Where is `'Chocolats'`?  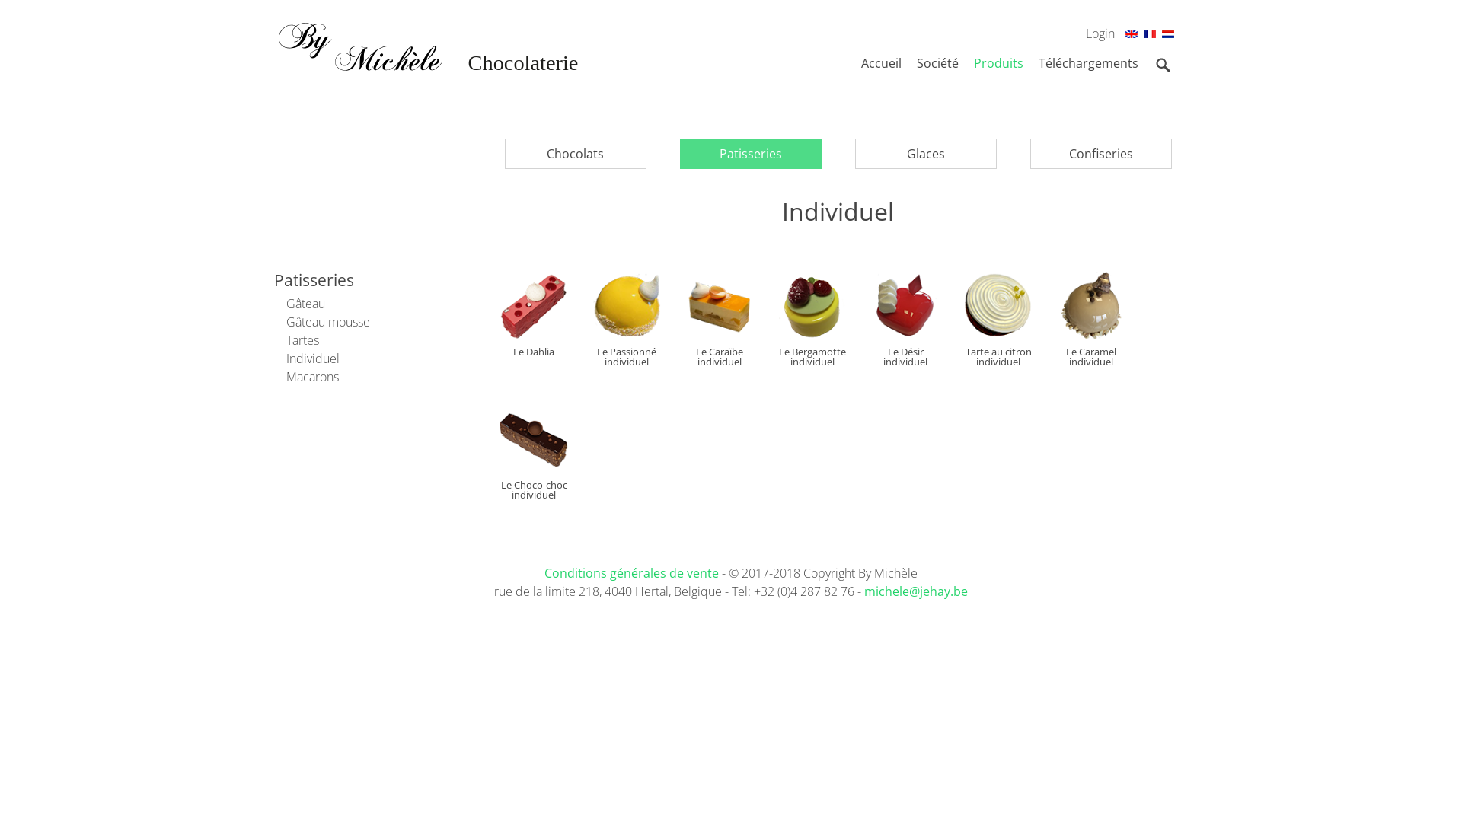 'Chocolats' is located at coordinates (504, 153).